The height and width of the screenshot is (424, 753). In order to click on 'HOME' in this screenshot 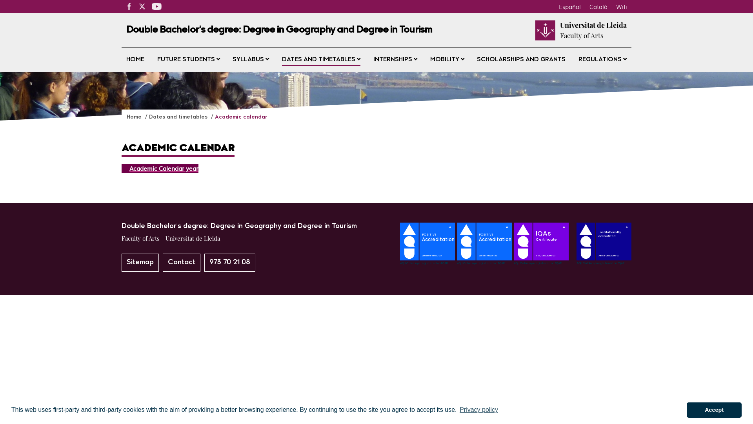, I will do `click(135, 59)`.